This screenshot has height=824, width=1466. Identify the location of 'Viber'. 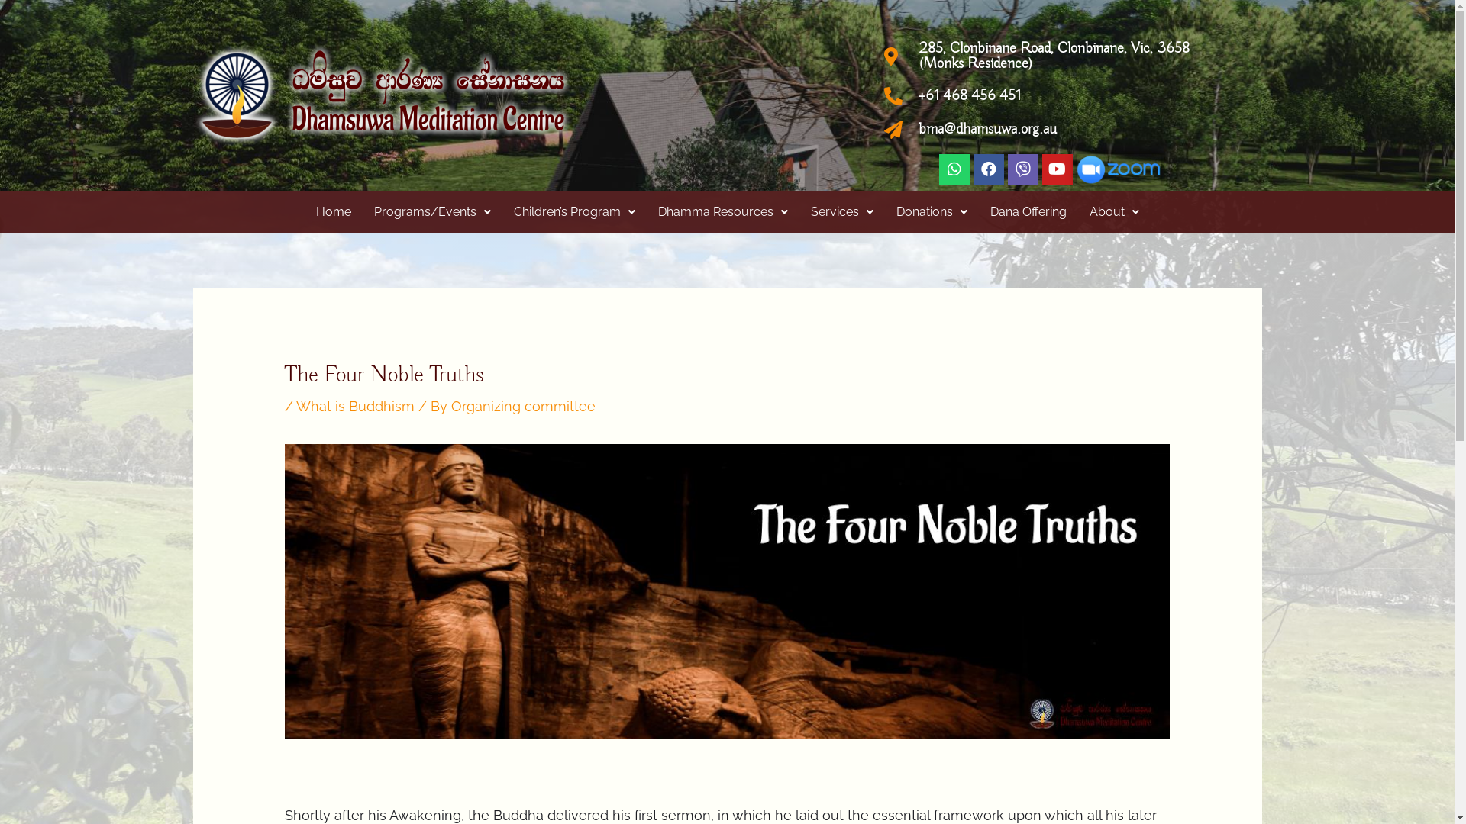
(1008, 169).